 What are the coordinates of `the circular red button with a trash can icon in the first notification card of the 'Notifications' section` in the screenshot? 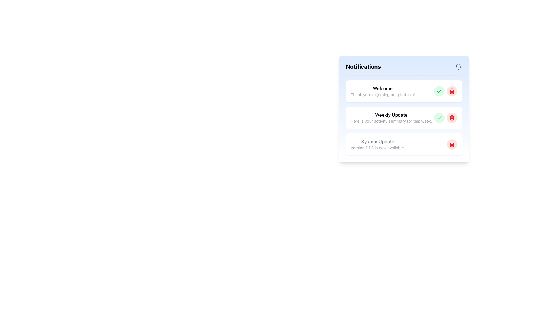 It's located at (451, 91).